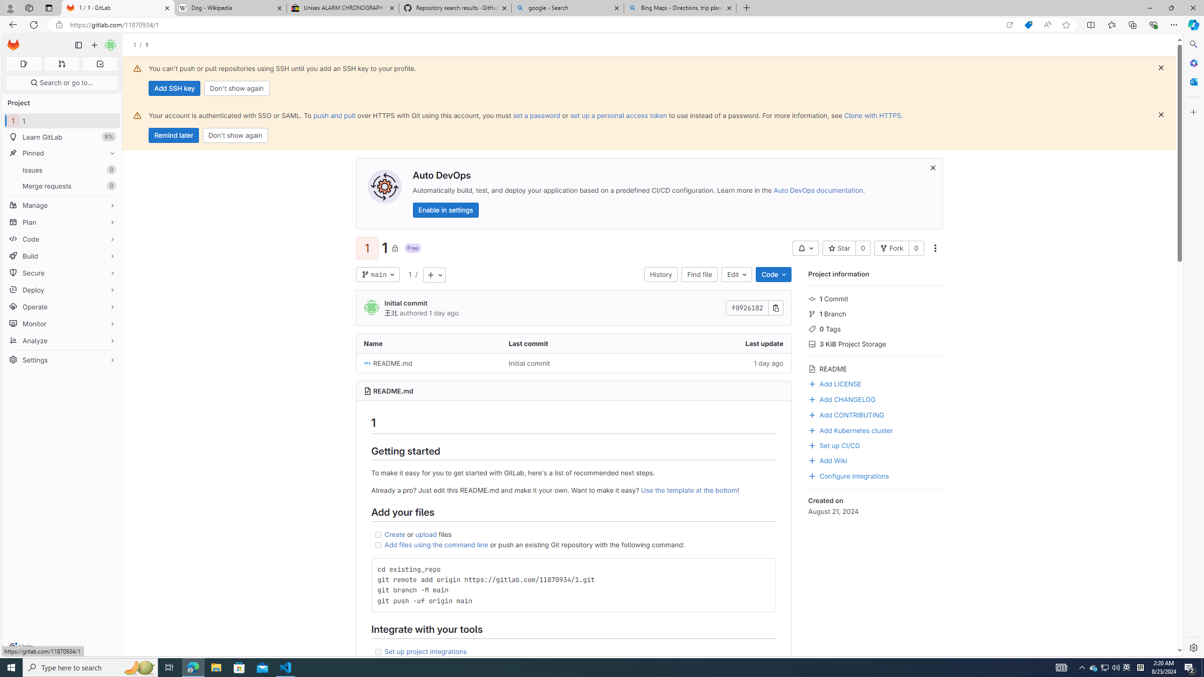 Image resolution: width=1204 pixels, height=677 pixels. What do you see at coordinates (876, 313) in the screenshot?
I see `'1 Branch'` at bounding box center [876, 313].